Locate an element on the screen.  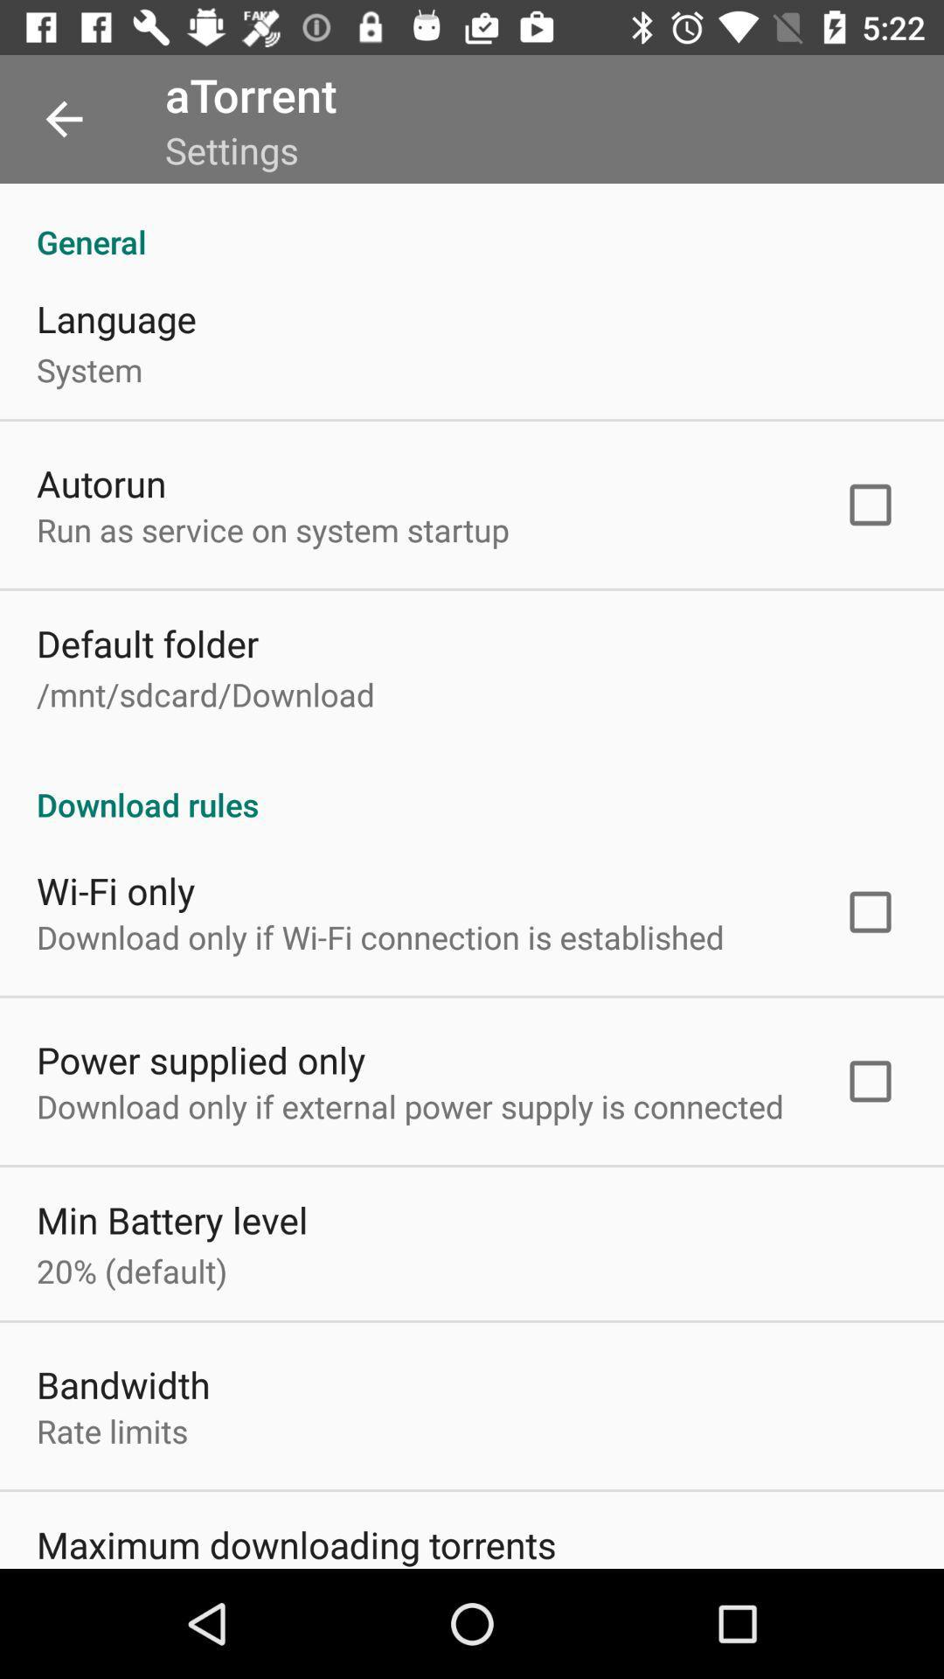
the maximum downloading torrents item is located at coordinates (295, 1543).